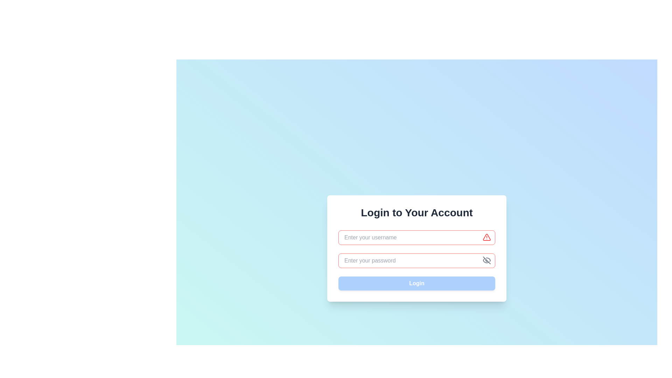 This screenshot has width=672, height=378. Describe the element at coordinates (416, 212) in the screenshot. I see `the purpose of the login form section` at that location.